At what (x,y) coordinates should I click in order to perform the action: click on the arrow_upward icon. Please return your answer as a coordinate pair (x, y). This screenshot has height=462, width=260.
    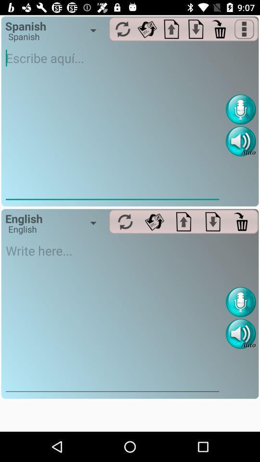
    Looking at the image, I should click on (183, 221).